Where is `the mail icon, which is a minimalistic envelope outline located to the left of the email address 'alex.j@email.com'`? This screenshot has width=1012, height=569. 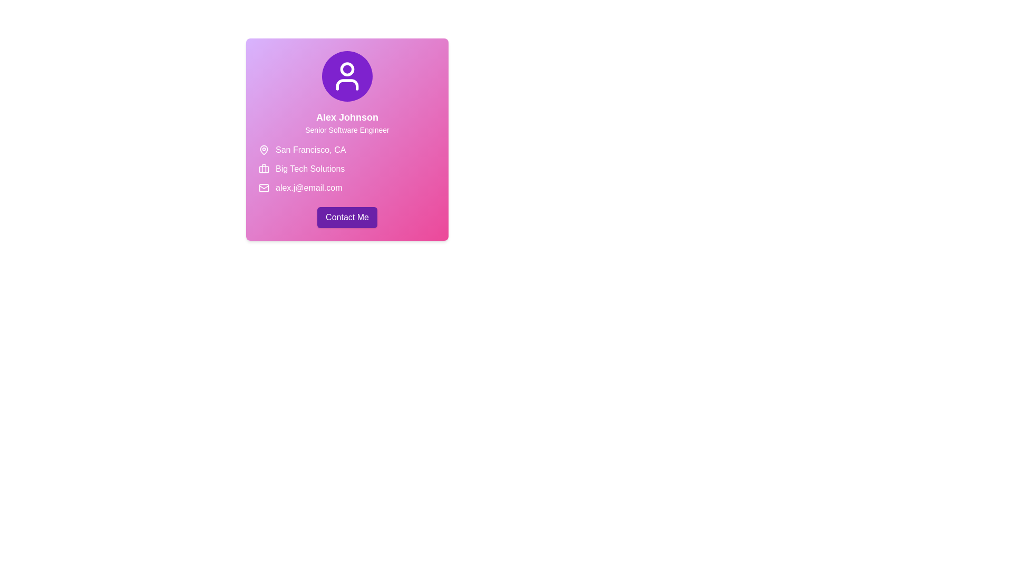
the mail icon, which is a minimalistic envelope outline located to the left of the email address 'alex.j@email.com' is located at coordinates (264, 188).